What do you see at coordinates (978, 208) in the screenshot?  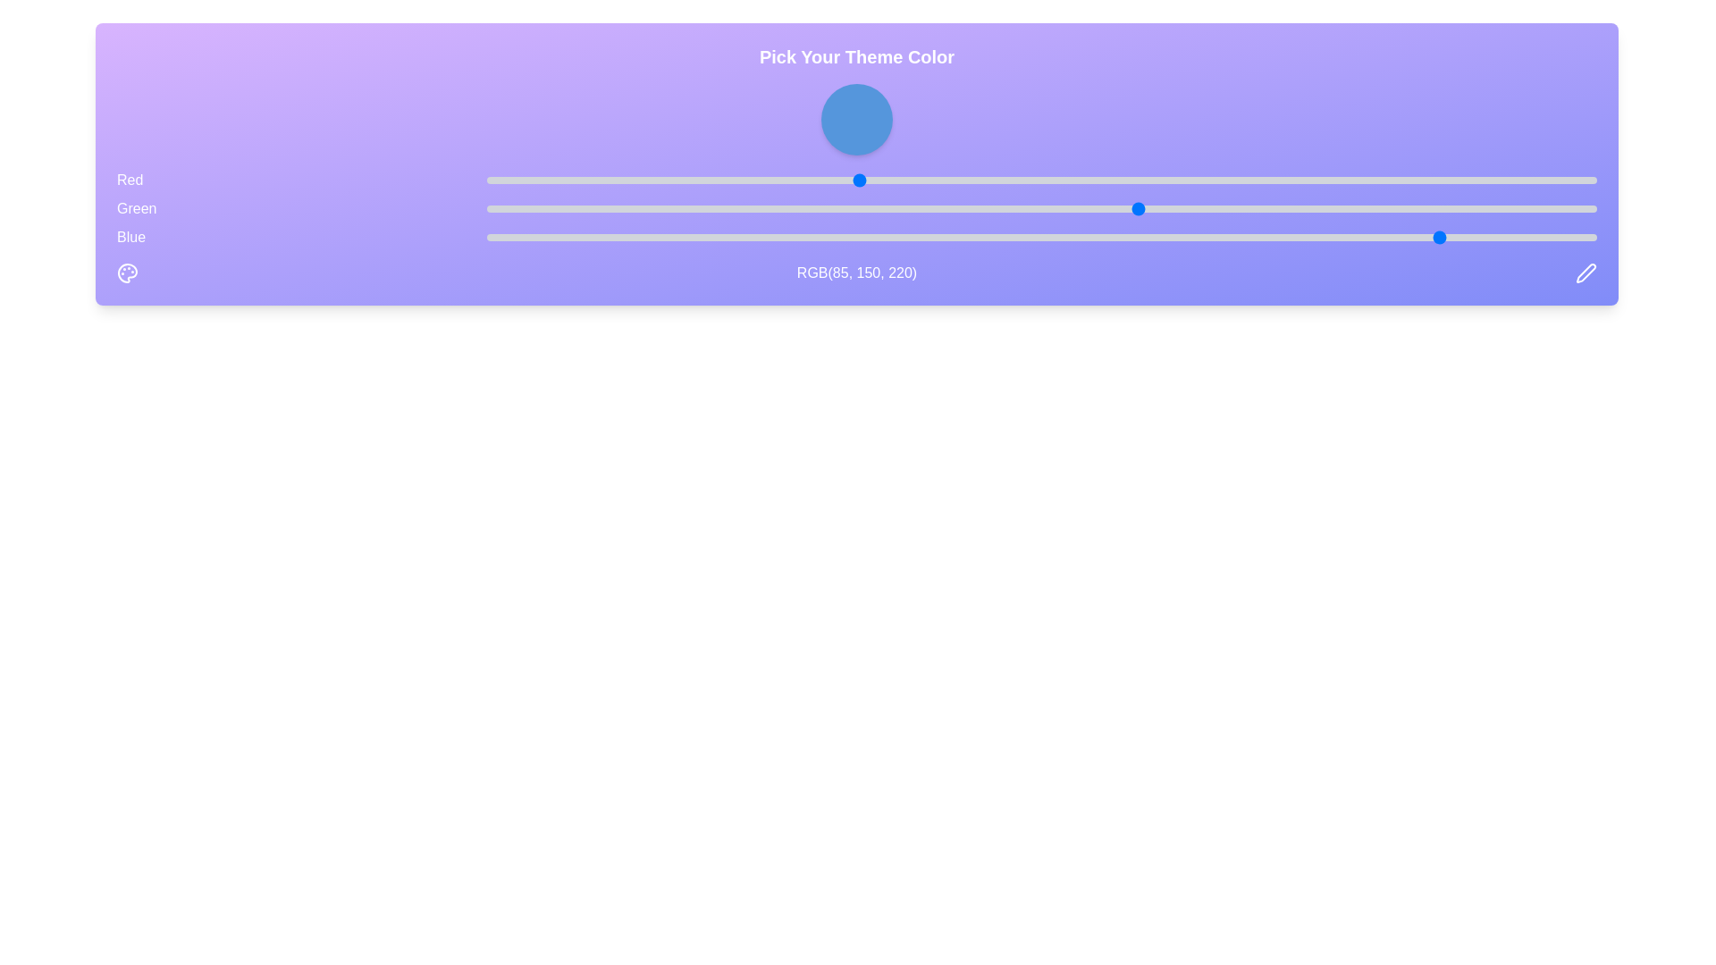 I see `the green color intensity` at bounding box center [978, 208].